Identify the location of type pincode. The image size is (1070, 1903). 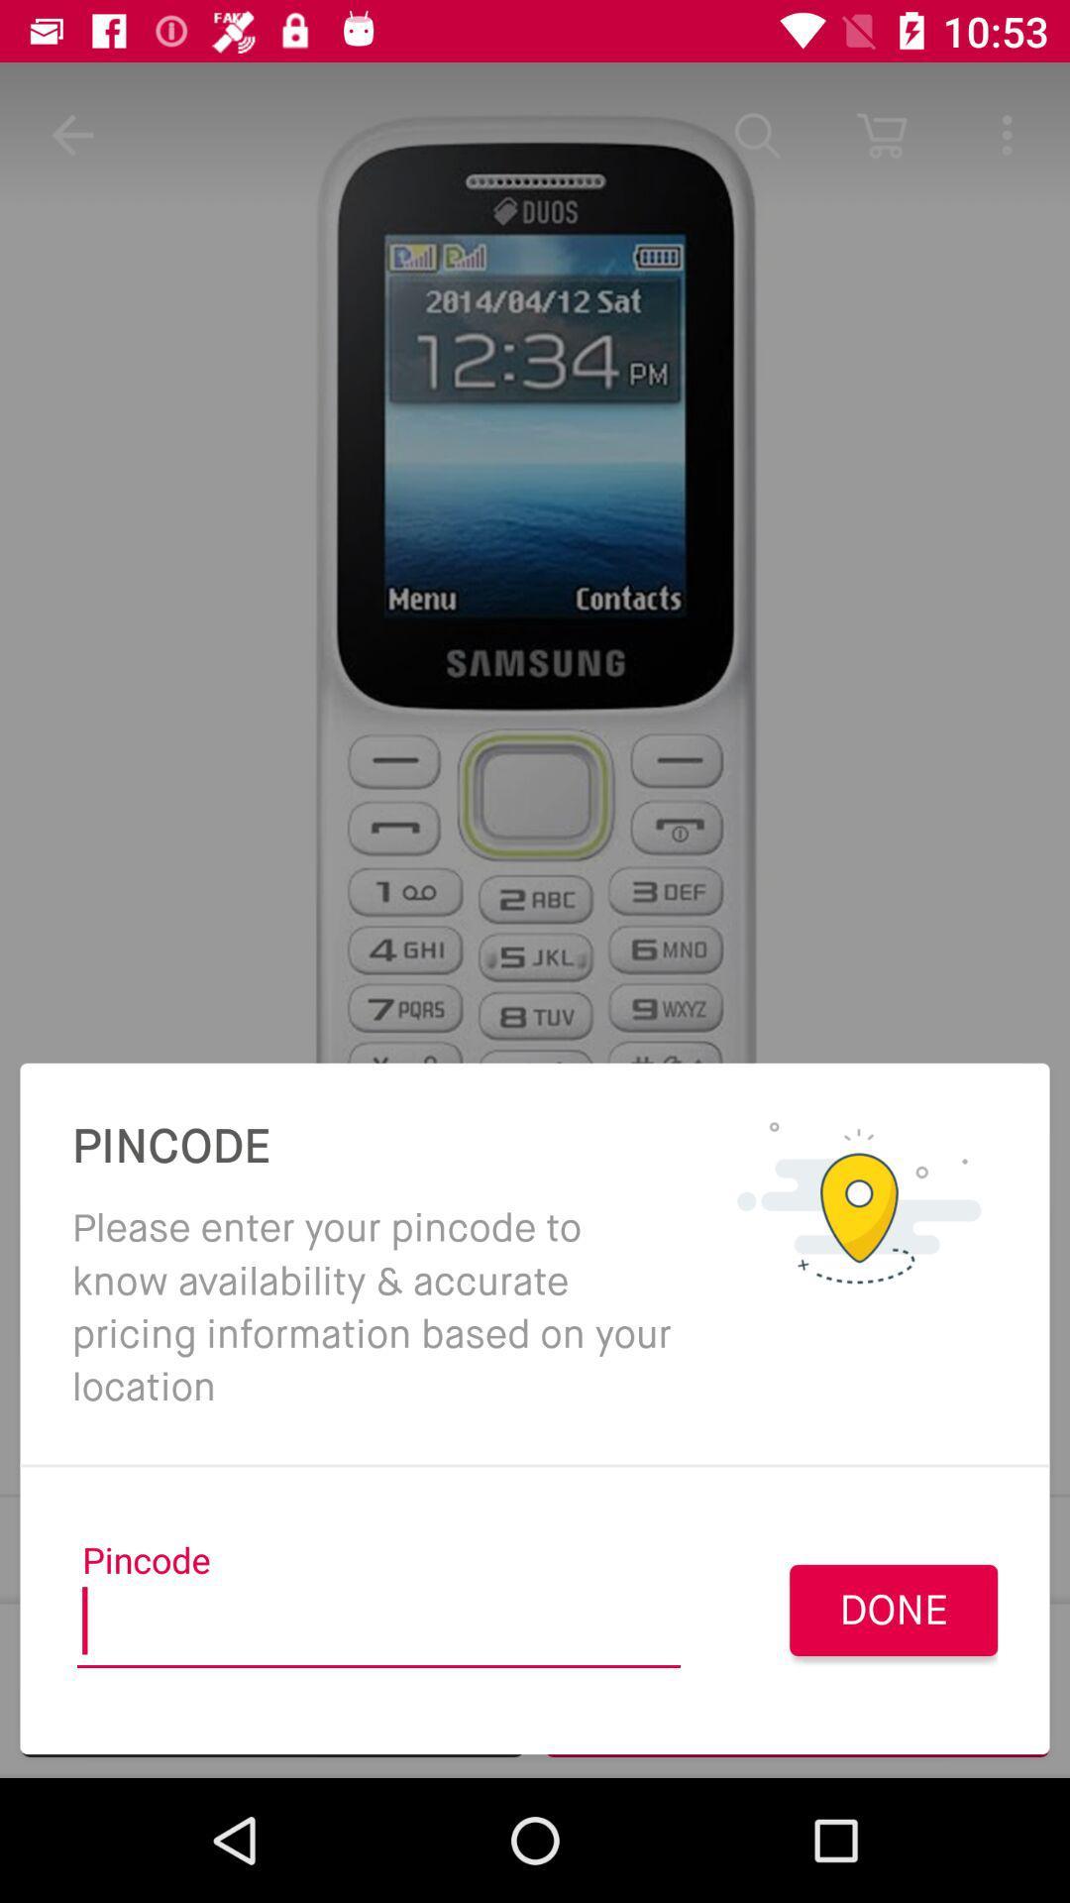
(378, 1627).